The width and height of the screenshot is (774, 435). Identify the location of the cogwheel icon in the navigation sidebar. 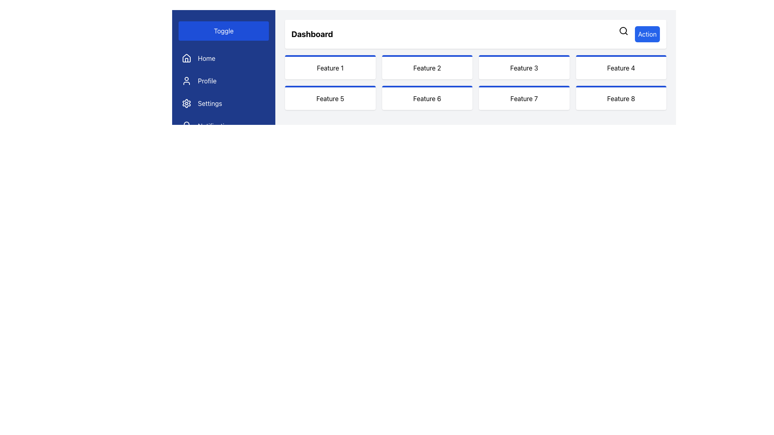
(186, 103).